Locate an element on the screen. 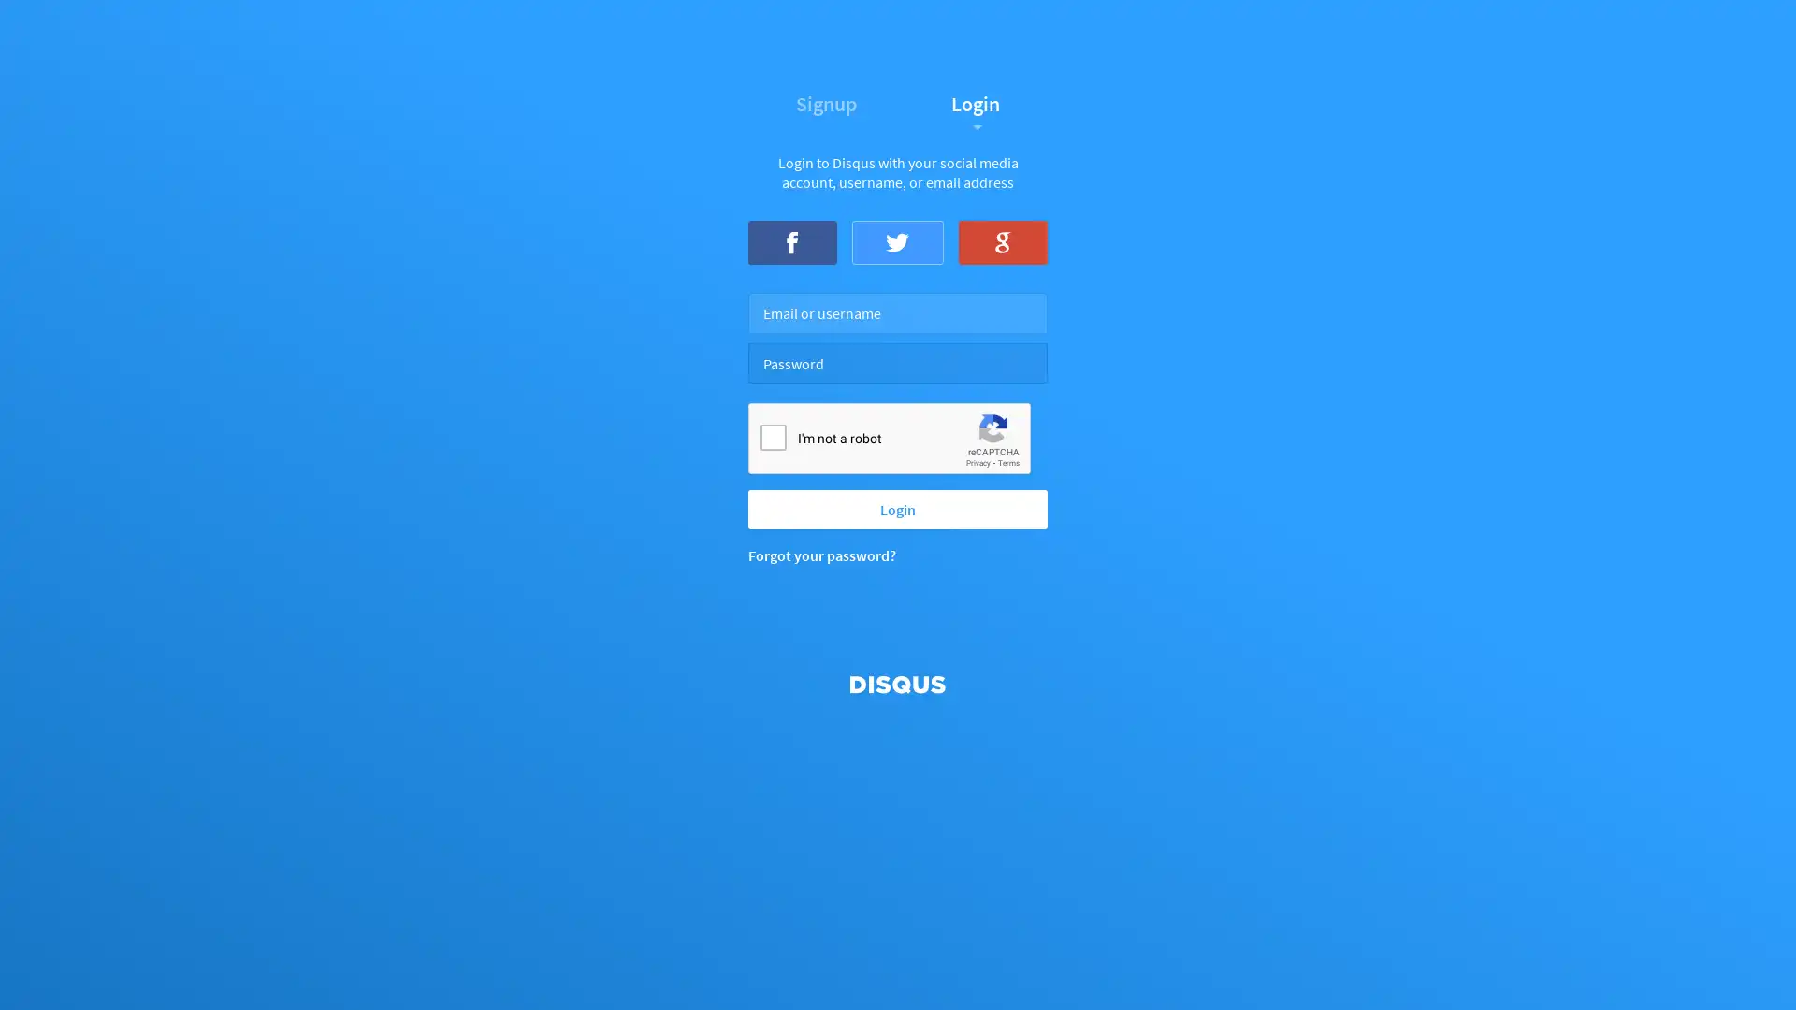  Facebook is located at coordinates (792, 240).